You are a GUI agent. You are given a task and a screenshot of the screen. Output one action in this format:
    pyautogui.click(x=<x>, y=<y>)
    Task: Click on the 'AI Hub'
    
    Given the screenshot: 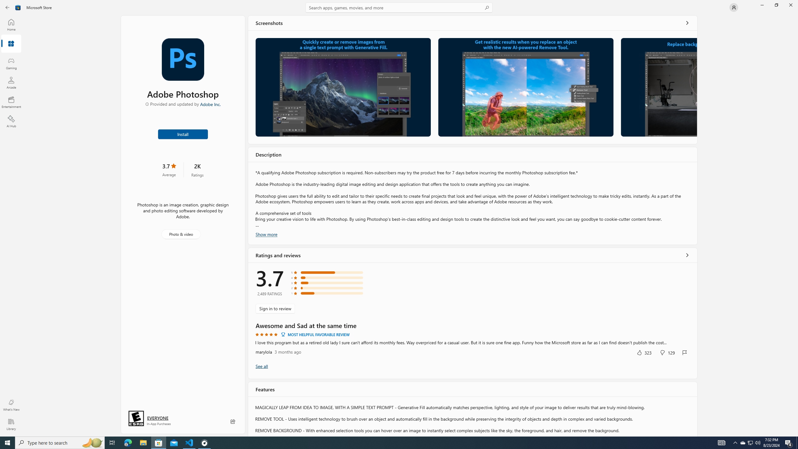 What is the action you would take?
    pyautogui.click(x=11, y=121)
    